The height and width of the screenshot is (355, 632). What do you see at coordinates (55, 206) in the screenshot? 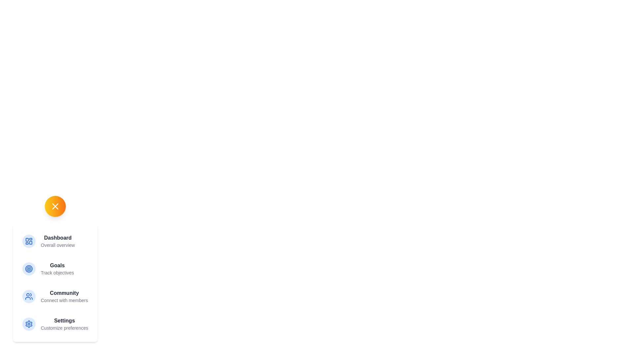
I see `the header button to toggle the panel's visibility` at bounding box center [55, 206].